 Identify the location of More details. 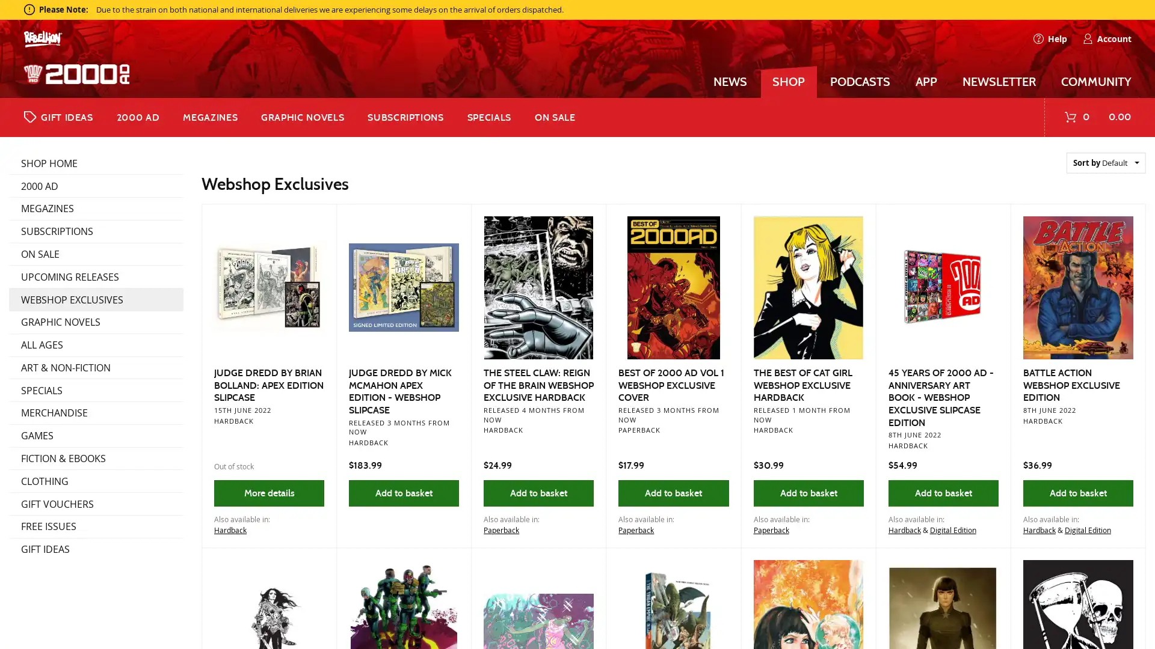
(268, 493).